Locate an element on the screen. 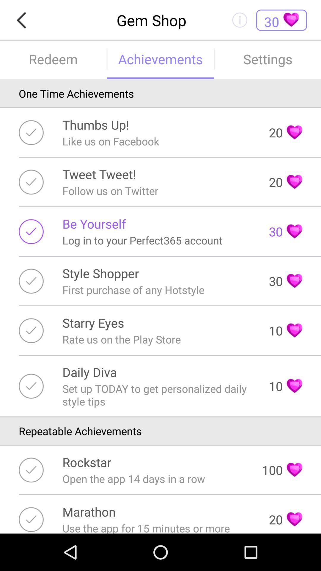 The width and height of the screenshot is (321, 571). item above first purchase of item is located at coordinates (100, 273).